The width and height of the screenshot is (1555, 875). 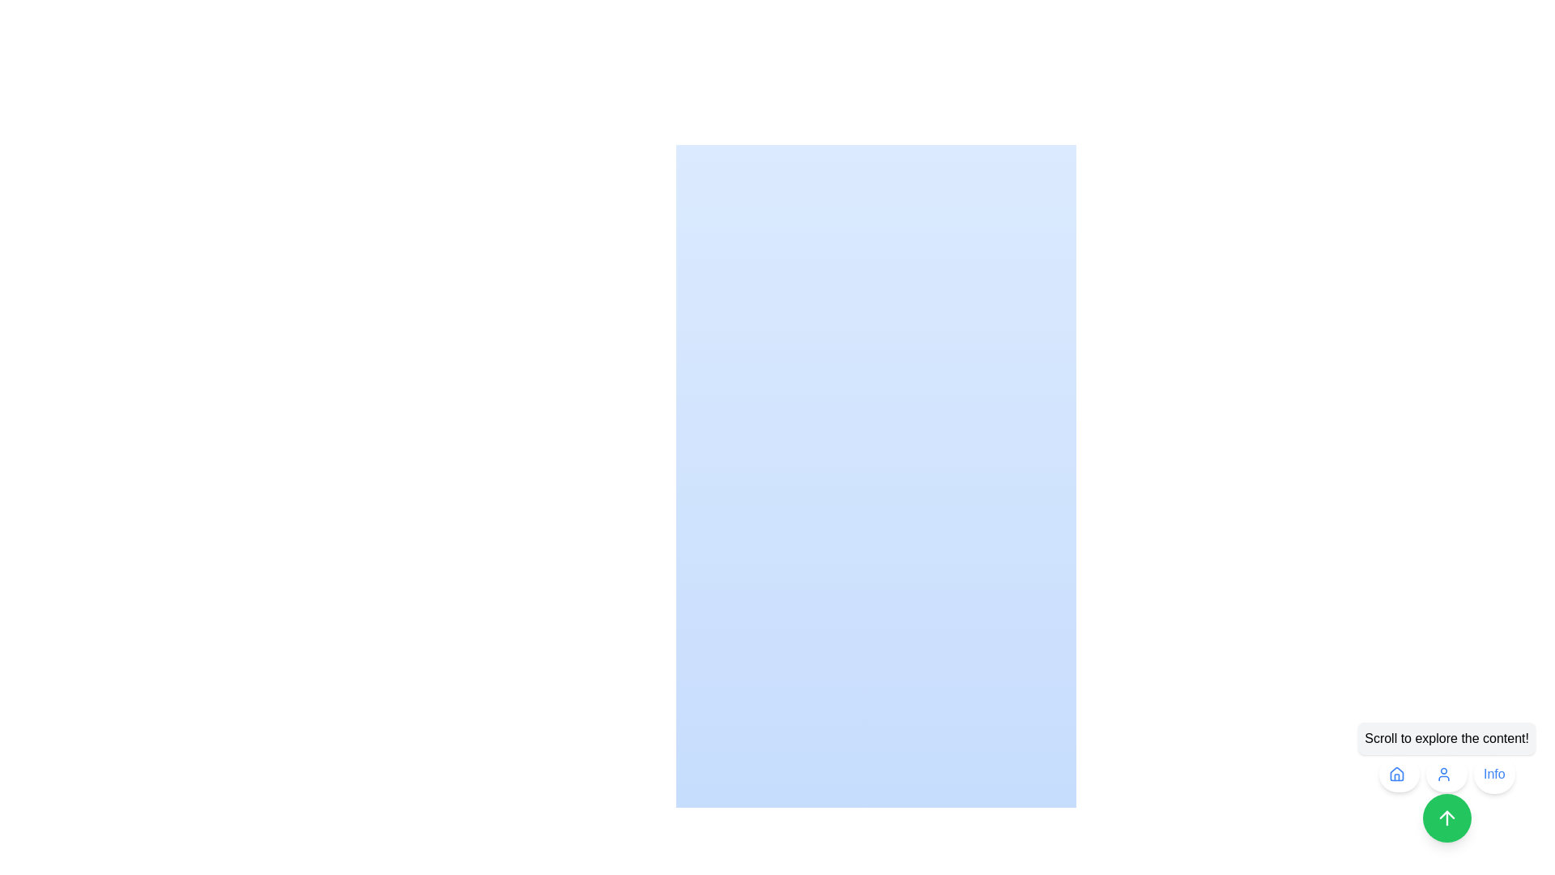 I want to click on the user icon, which is a simplified human figure with a blue circle for the head and a curved line for the shoulders, located in the second position among three circular buttons at the bottom-right of the interface, so click(x=1444, y=774).